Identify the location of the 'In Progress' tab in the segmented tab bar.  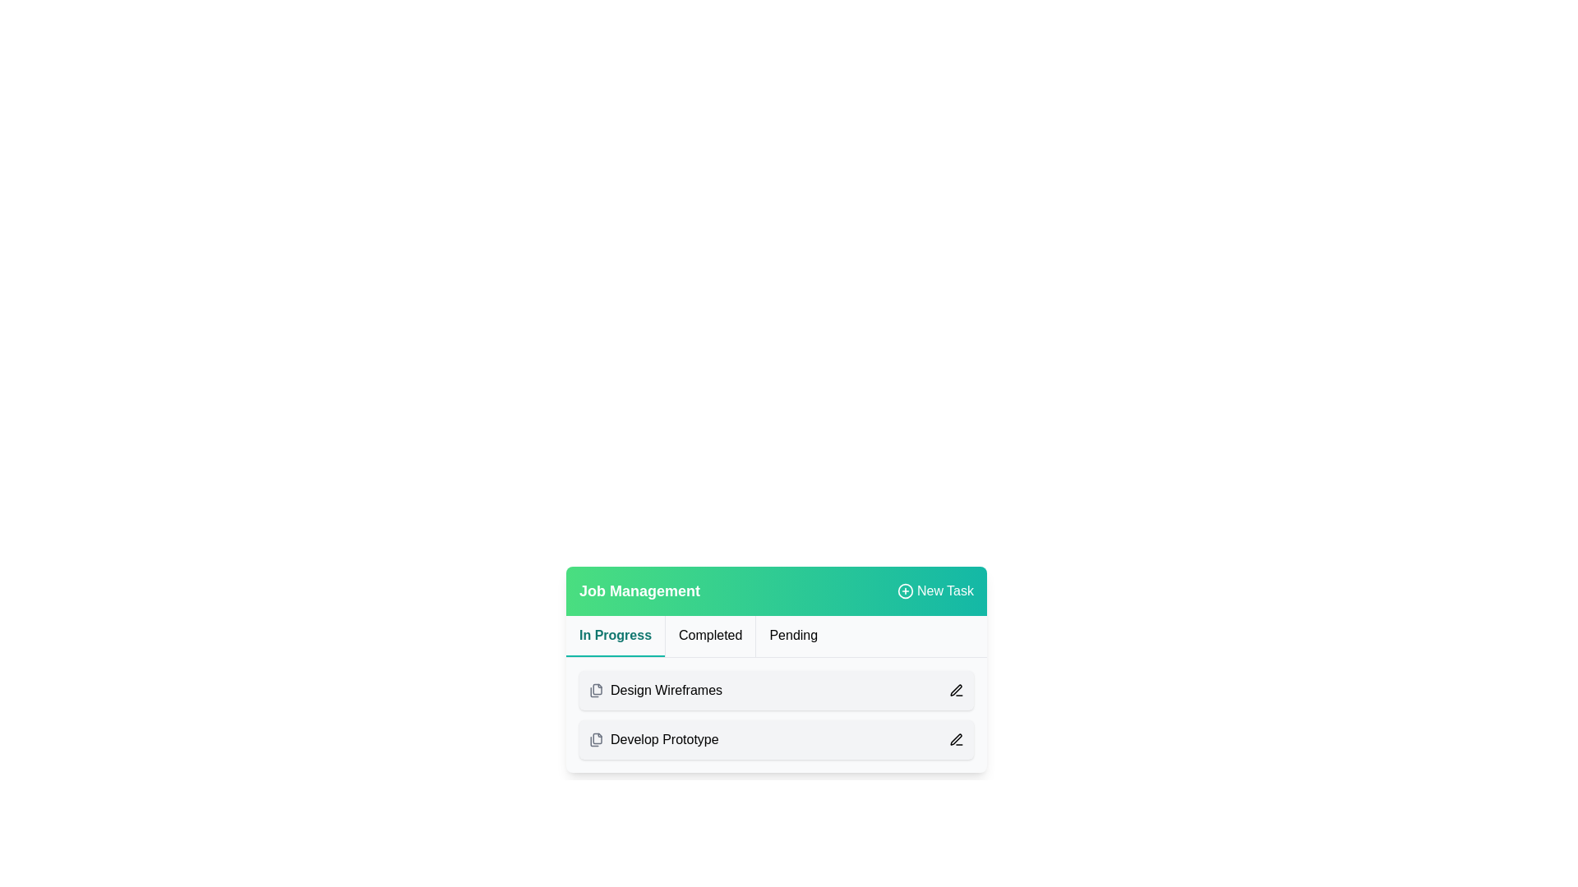
(614, 636).